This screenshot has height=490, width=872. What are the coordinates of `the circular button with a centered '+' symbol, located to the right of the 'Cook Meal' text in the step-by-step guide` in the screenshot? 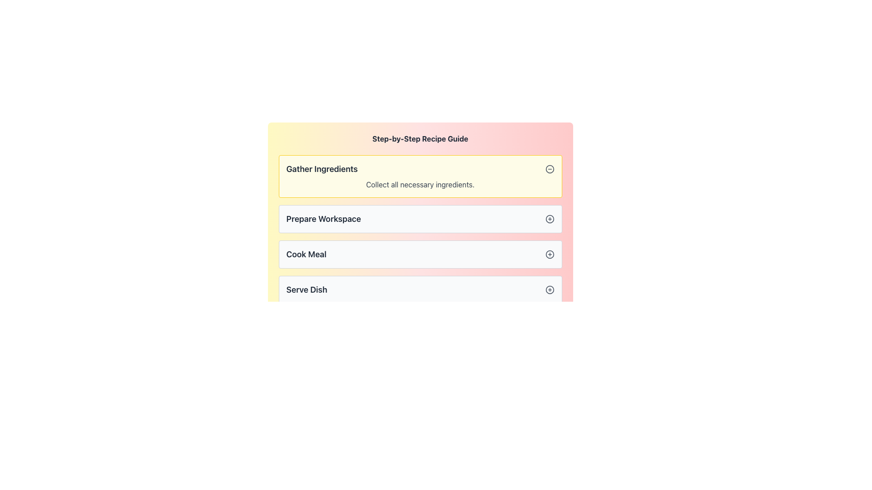 It's located at (549, 254).